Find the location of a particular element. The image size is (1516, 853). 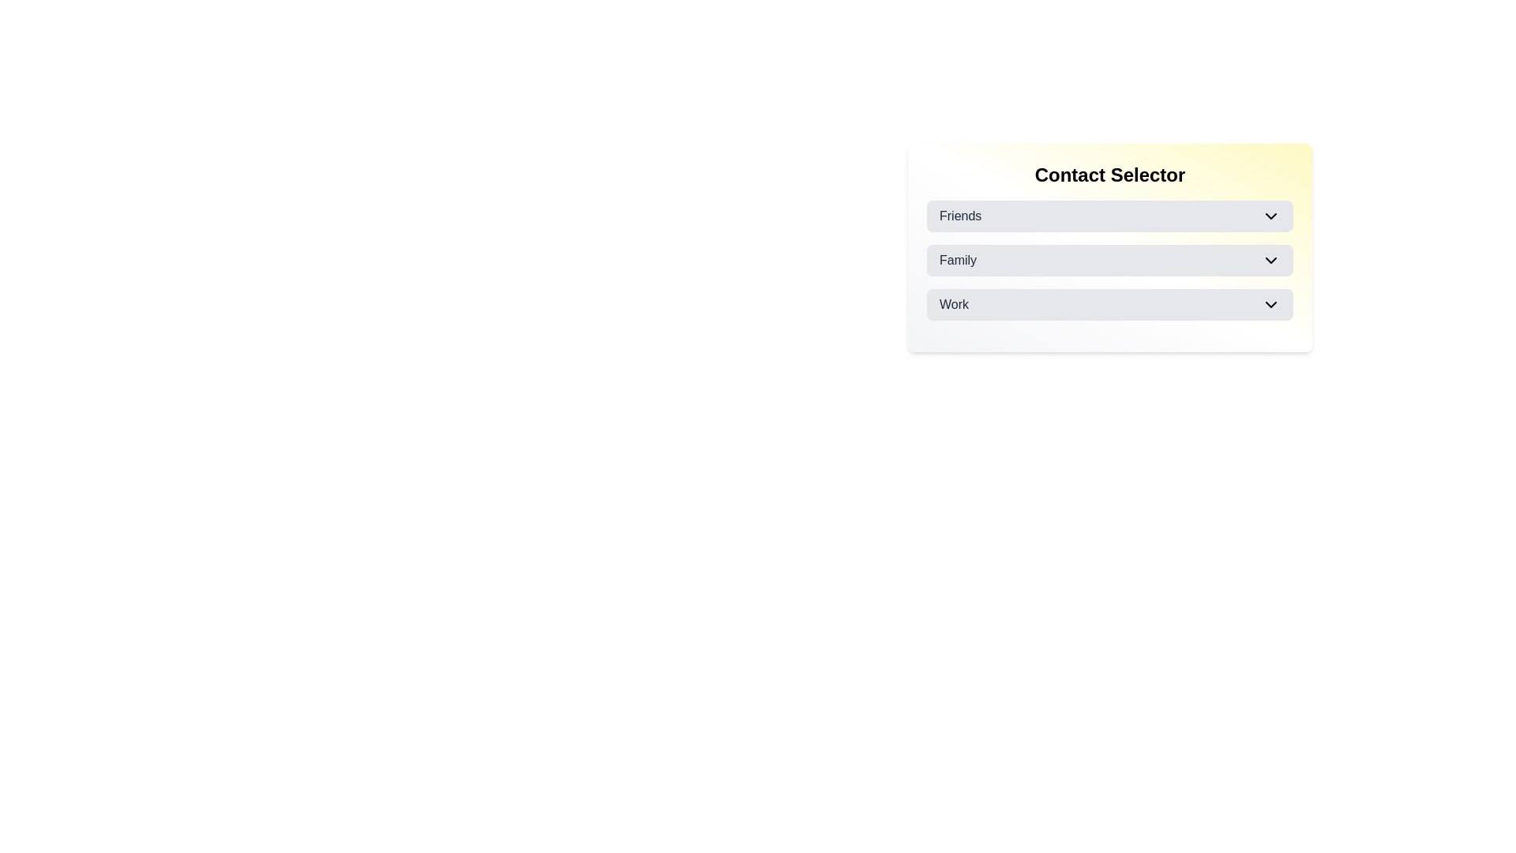

the downward-facing chevron icon located at the far right side of the 'Family' row in the dropdown menu is located at coordinates (1270, 260).